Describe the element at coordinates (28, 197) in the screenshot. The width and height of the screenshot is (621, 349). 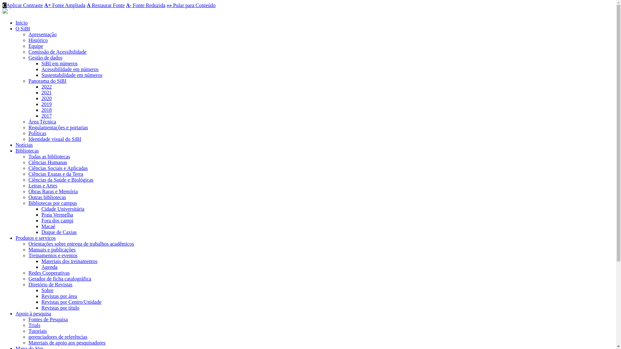
I see `'Outras bibliotecas'` at that location.